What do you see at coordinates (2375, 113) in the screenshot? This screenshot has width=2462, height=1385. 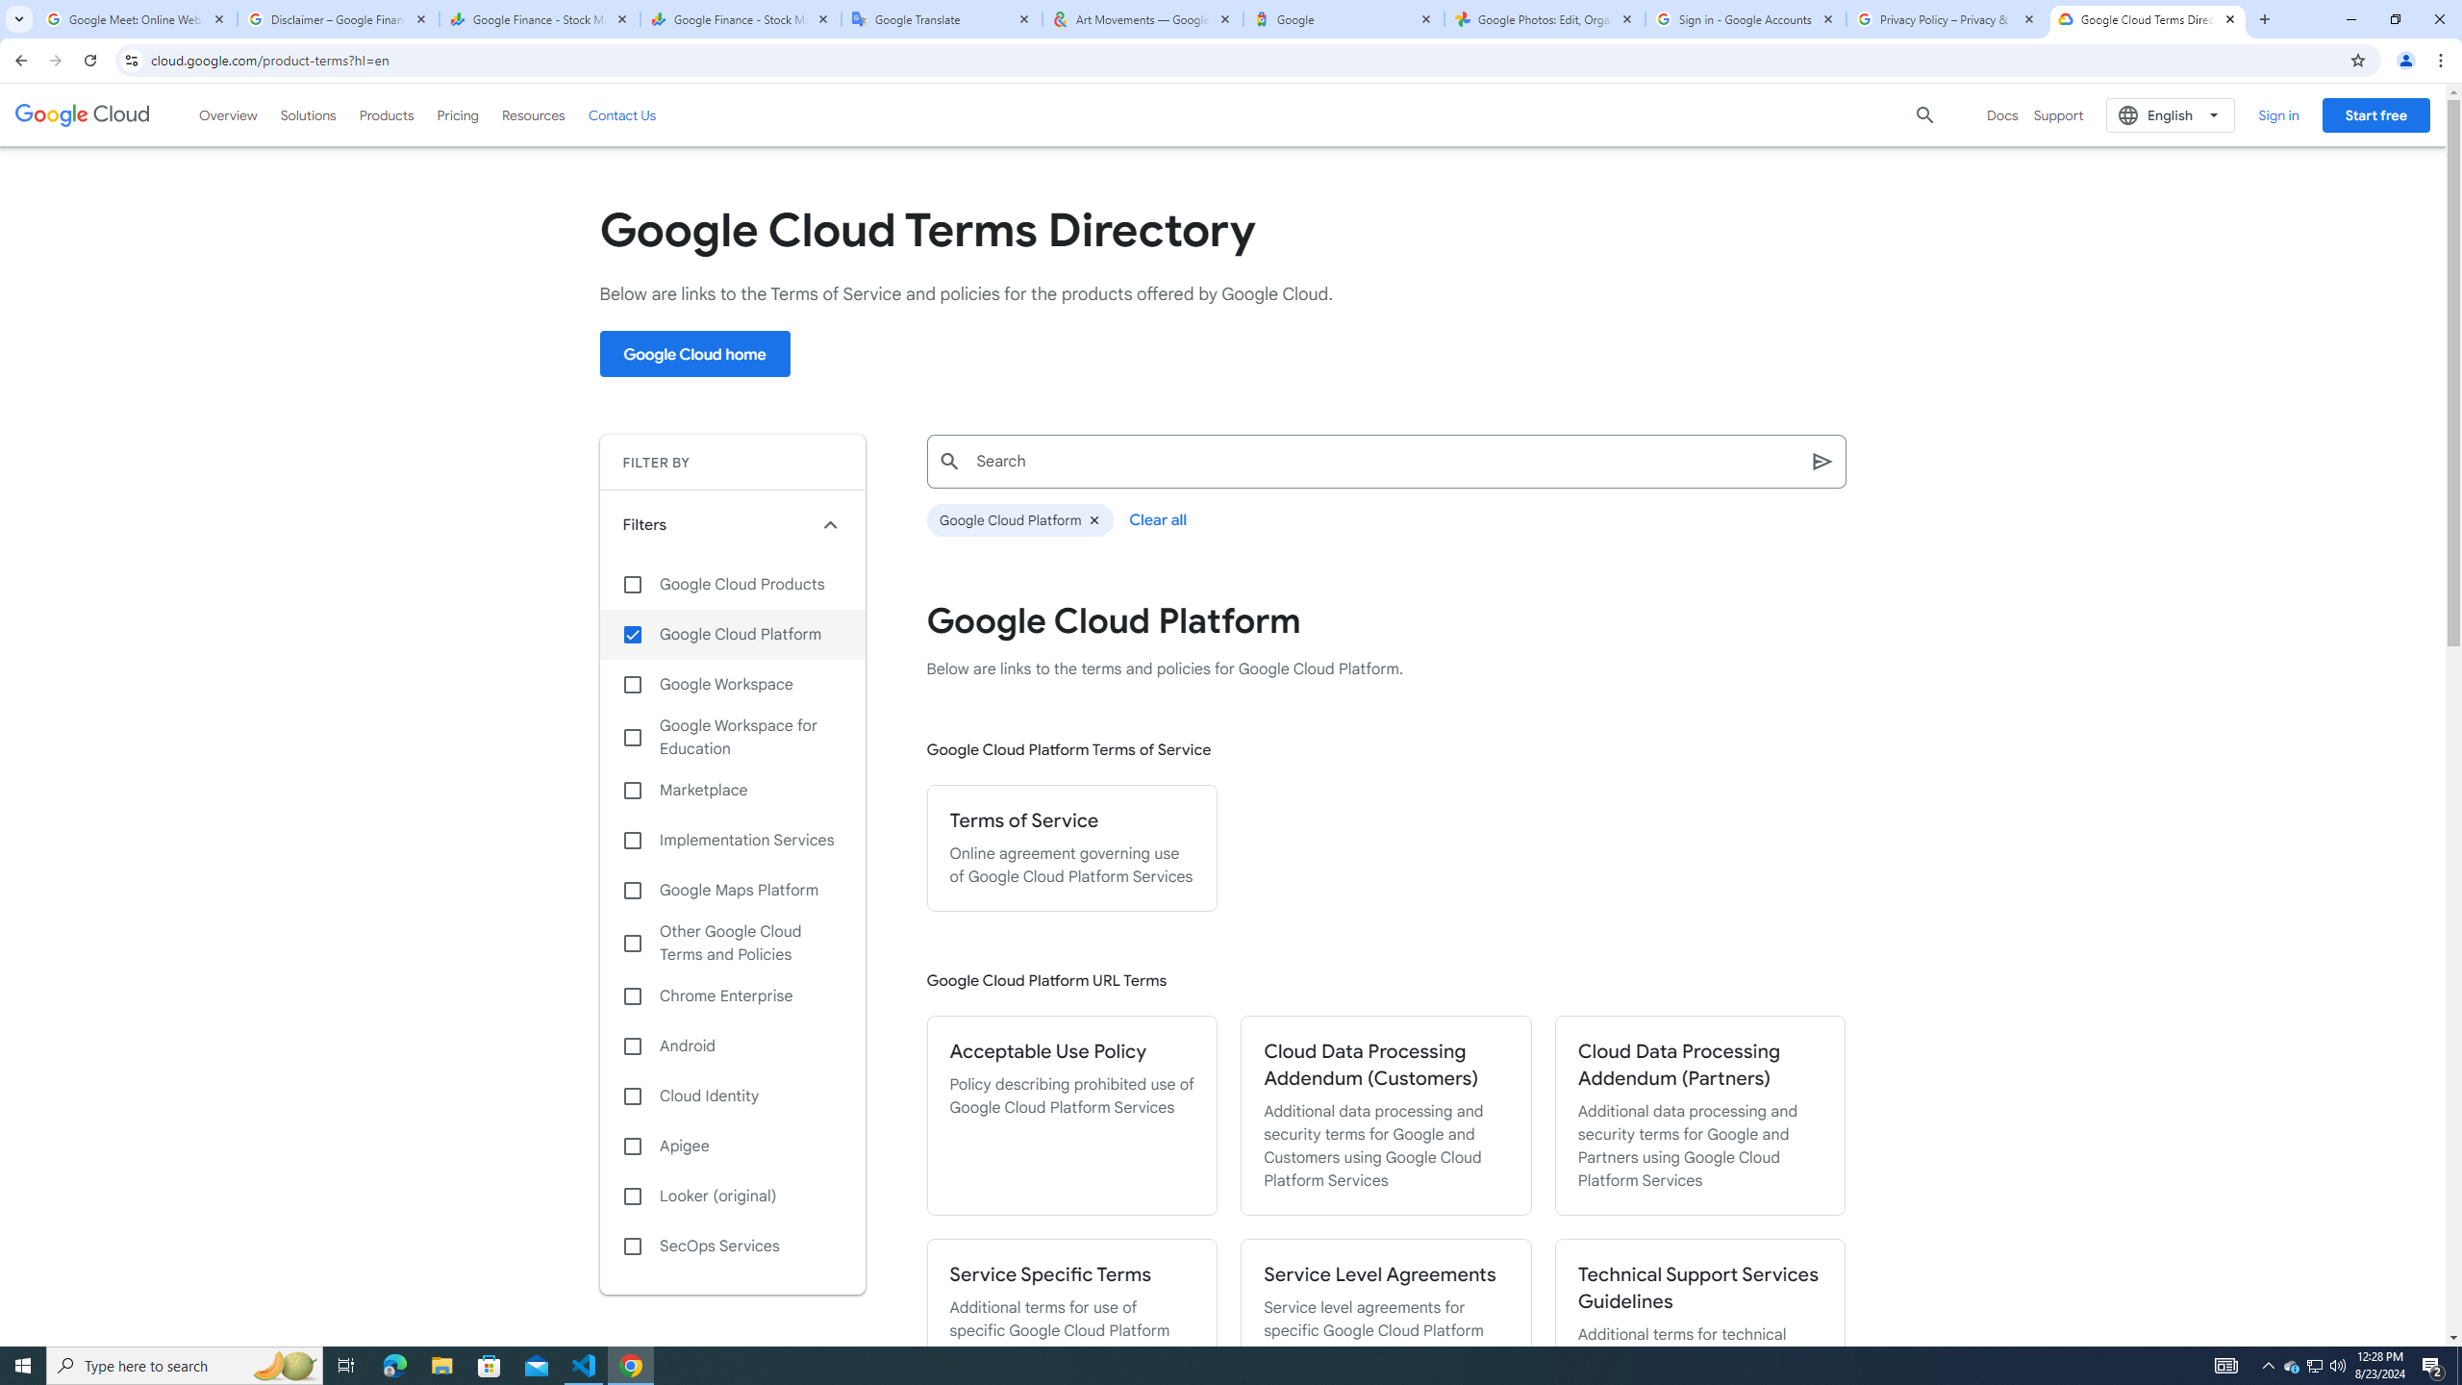 I see `'Start free'` at bounding box center [2375, 113].